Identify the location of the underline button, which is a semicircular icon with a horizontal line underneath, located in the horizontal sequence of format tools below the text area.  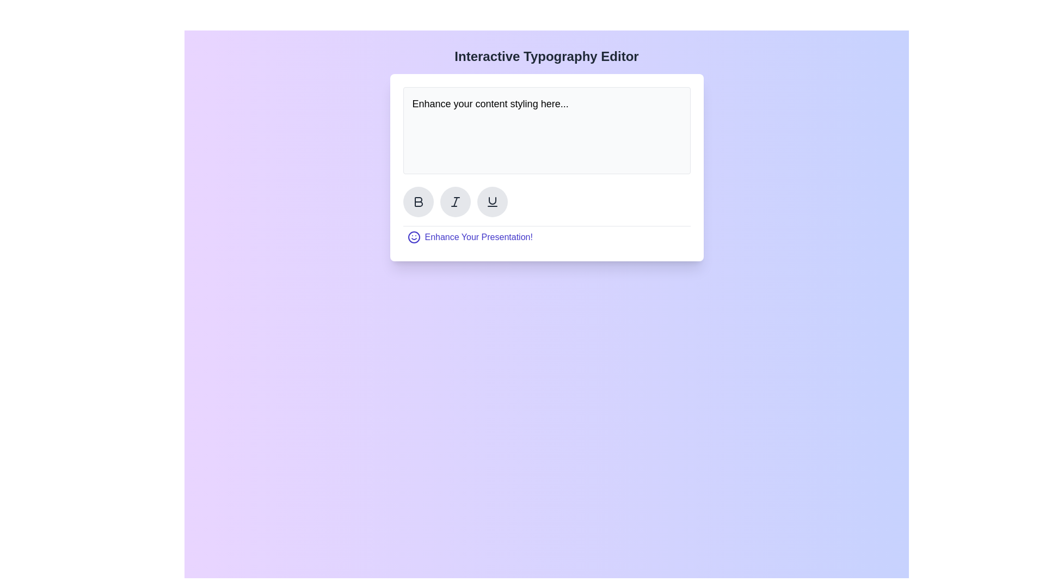
(491, 201).